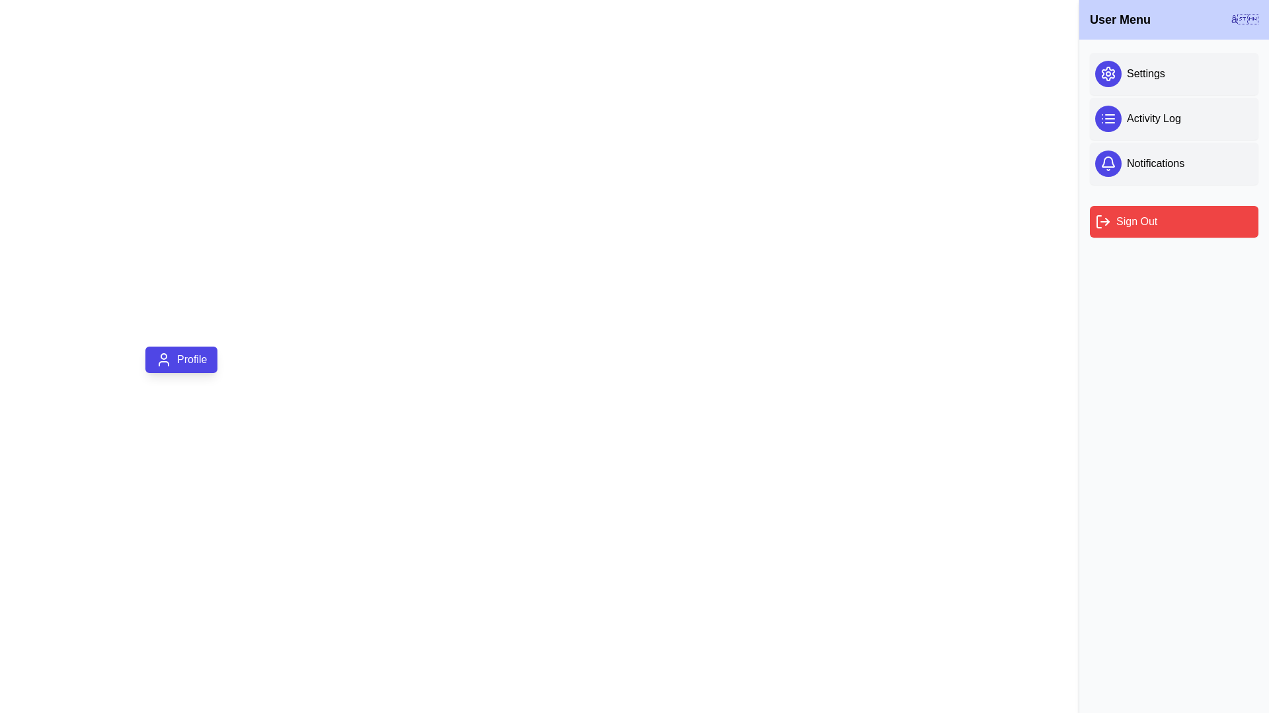 This screenshot has height=713, width=1269. I want to click on the option Sign Out from the user menu, so click(1174, 221).